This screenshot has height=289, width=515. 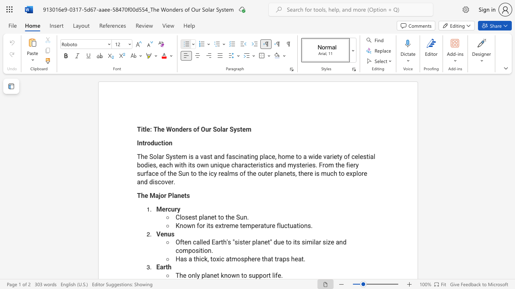 I want to click on the 1th character "a" in the text, so click(x=262, y=226).